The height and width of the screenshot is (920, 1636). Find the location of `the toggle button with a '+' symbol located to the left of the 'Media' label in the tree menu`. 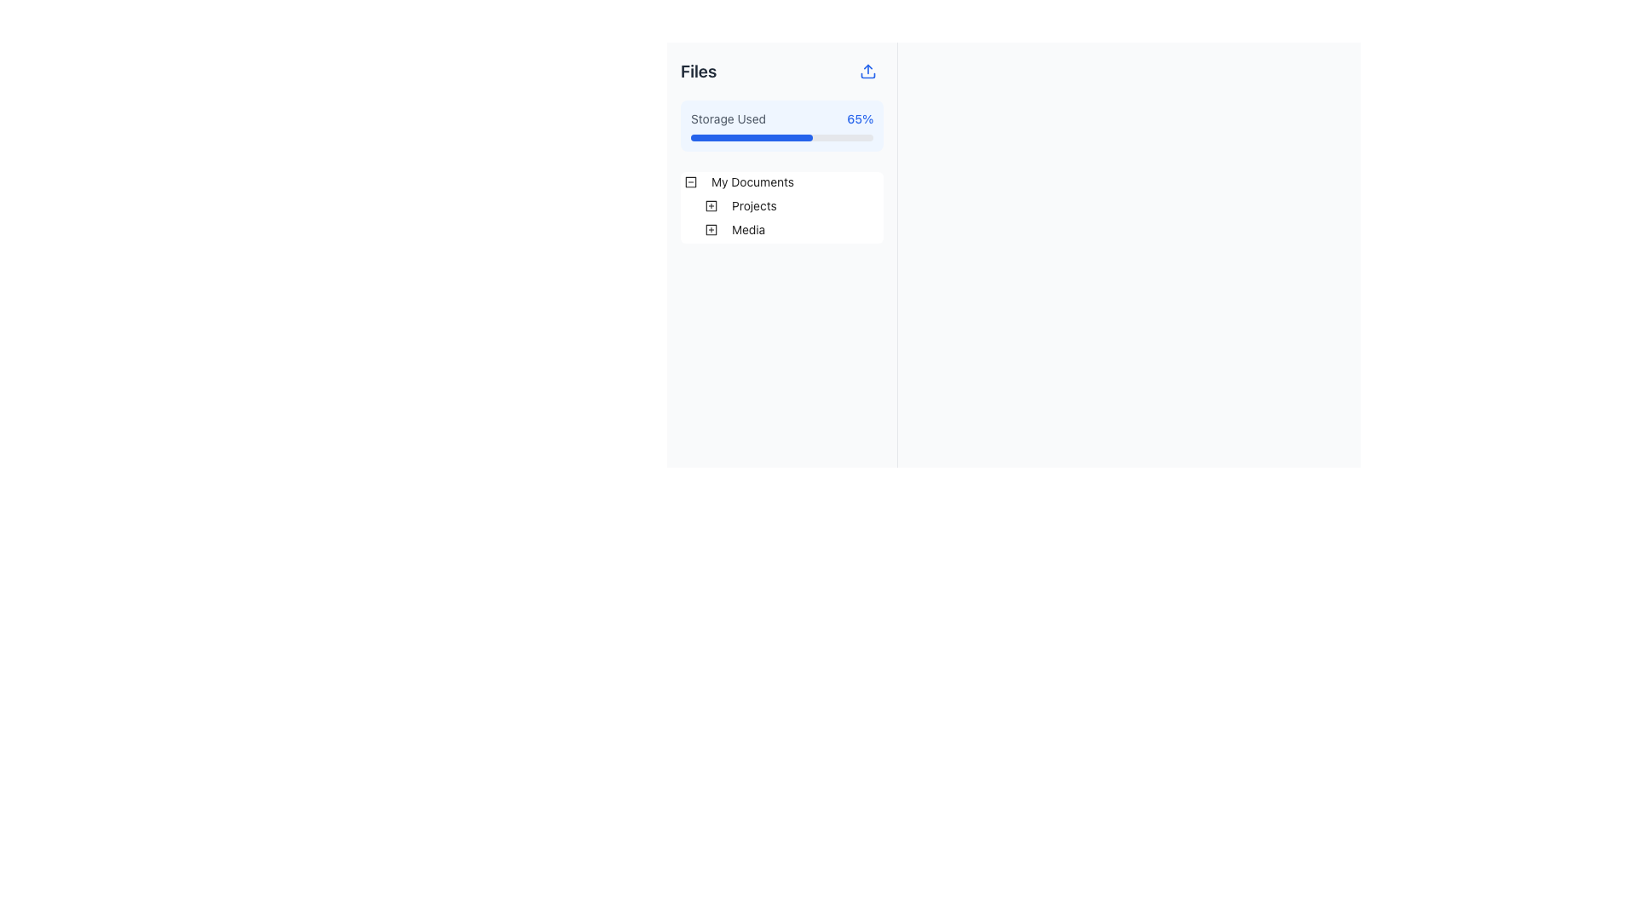

the toggle button with a '+' symbol located to the left of the 'Media' label in the tree menu is located at coordinates (711, 230).